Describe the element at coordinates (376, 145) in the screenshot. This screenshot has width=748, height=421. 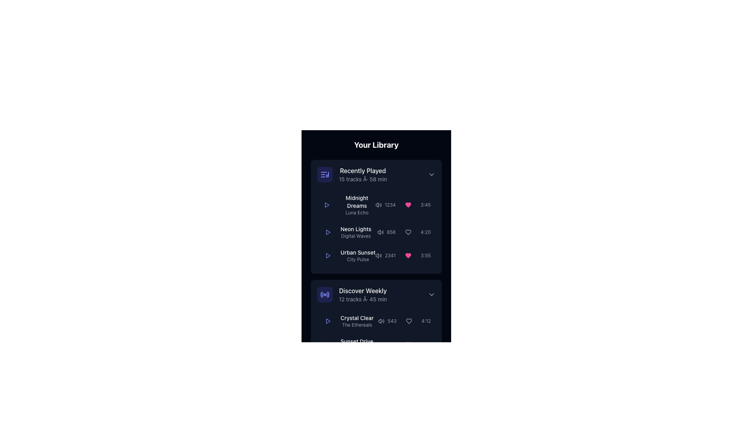
I see `the static text label displaying 'Your Library', which is styled in bold white font and located at the top of the interface, above the 'Recently Played' section` at that location.